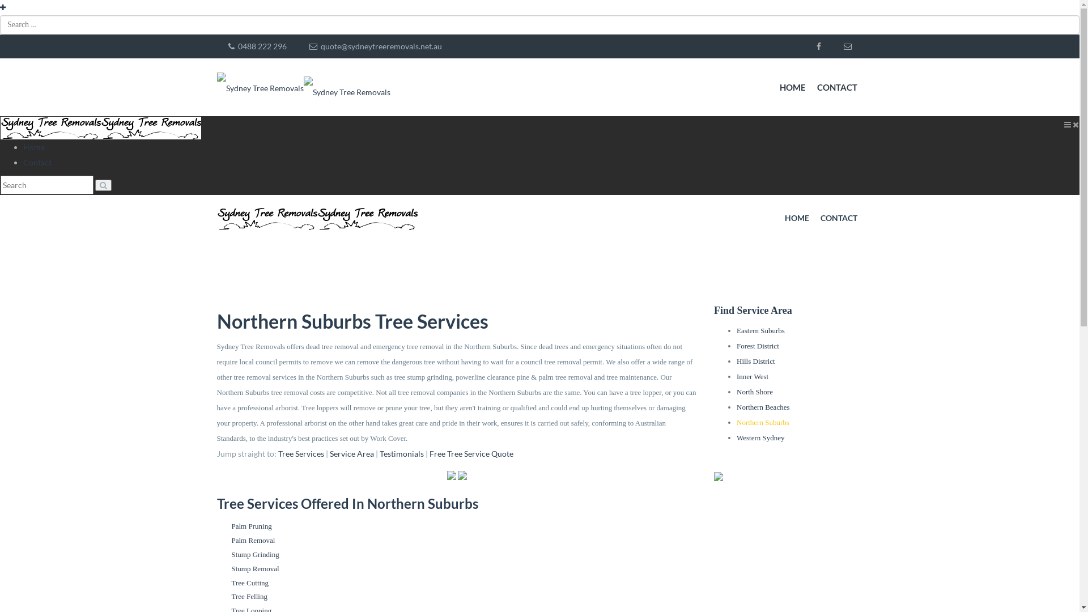  Describe the element at coordinates (753, 376) in the screenshot. I see `'Inner West'` at that location.